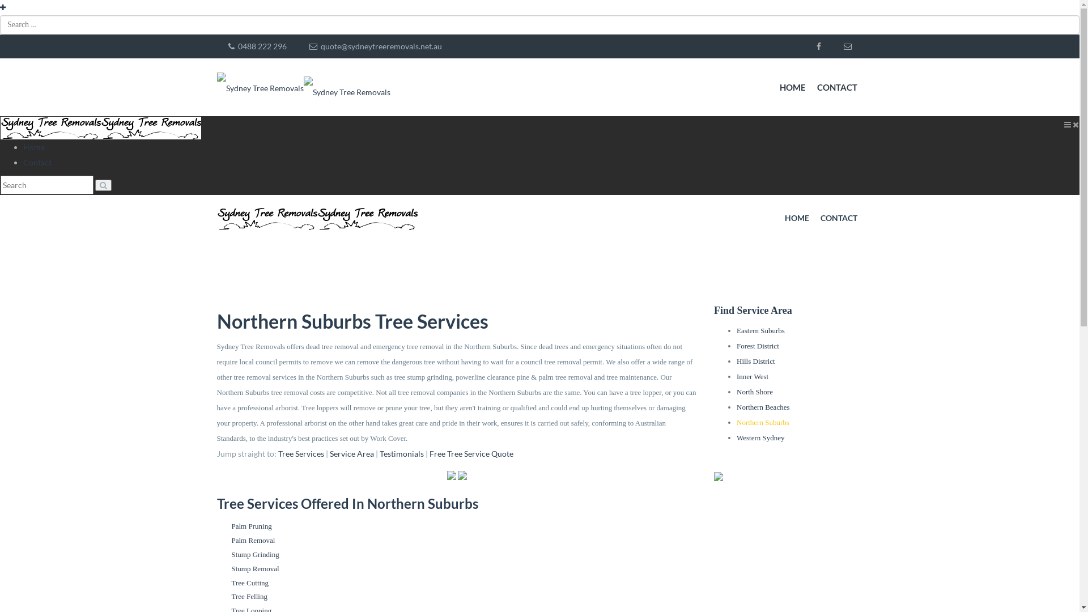  Describe the element at coordinates (753, 376) in the screenshot. I see `'Inner West'` at that location.